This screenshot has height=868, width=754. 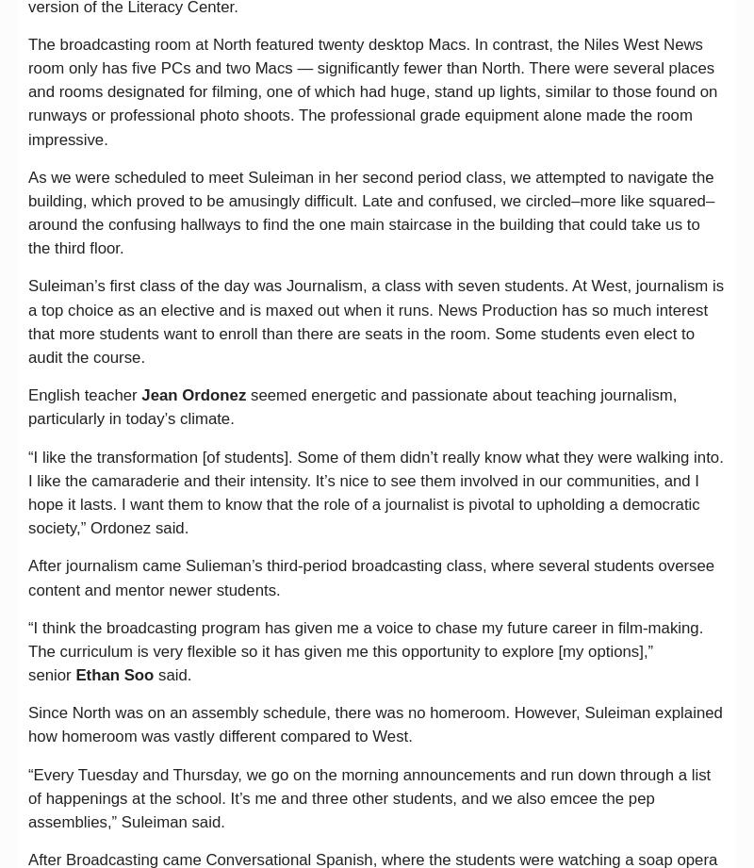 What do you see at coordinates (85, 395) in the screenshot?
I see `'English teacher'` at bounding box center [85, 395].